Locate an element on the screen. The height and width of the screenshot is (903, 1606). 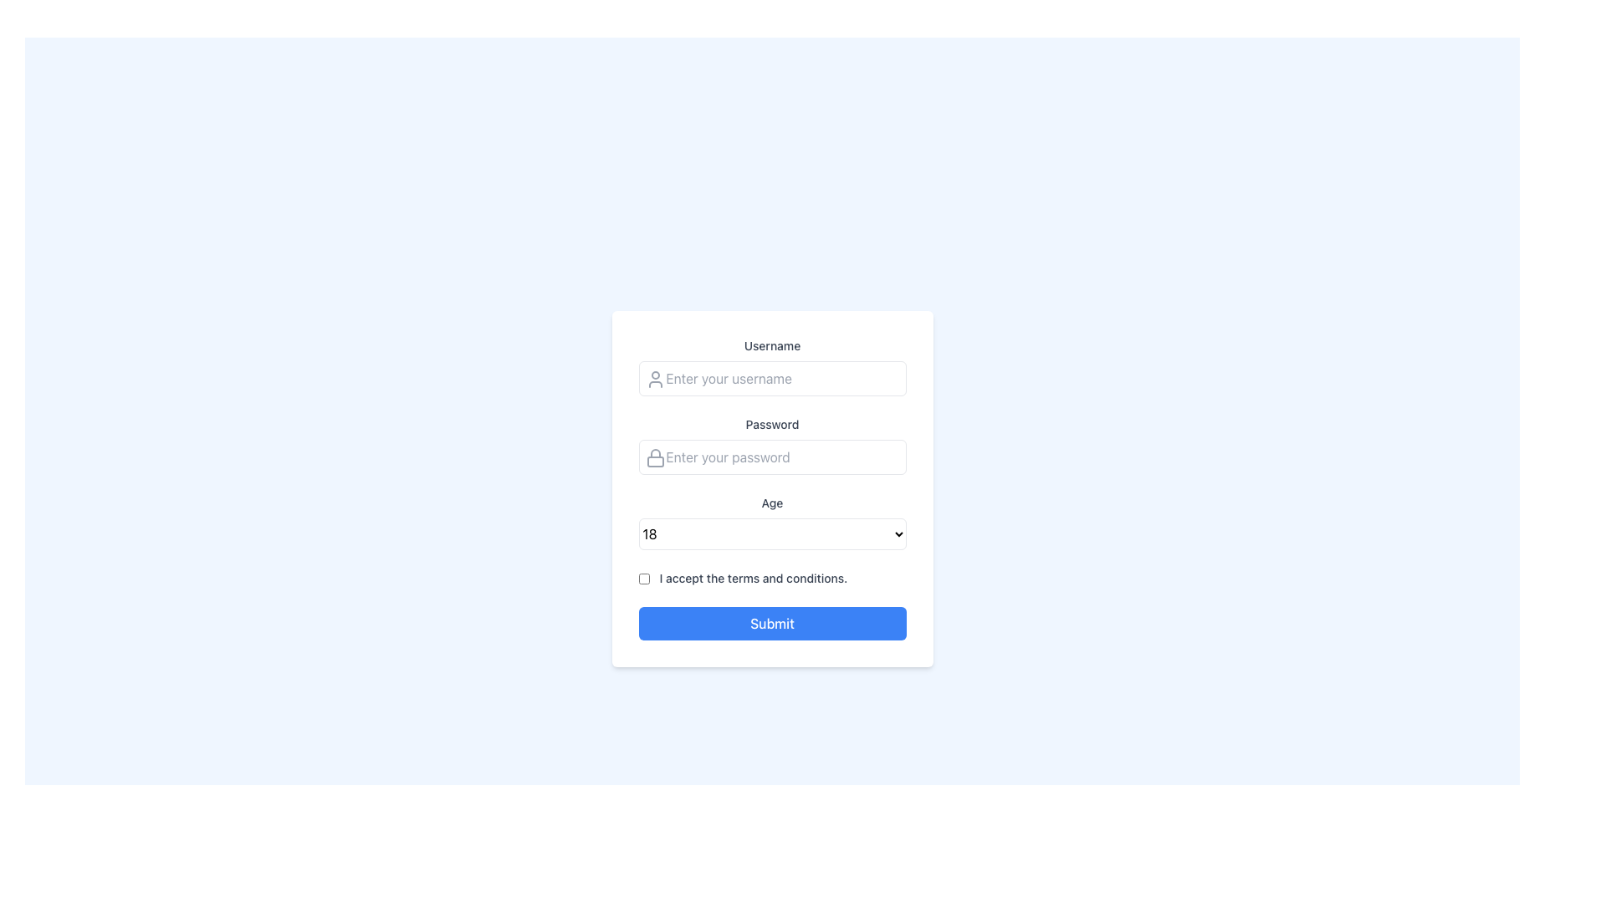
the checkbox labeled 'I accept the terms and conditions.' is located at coordinates (771, 577).